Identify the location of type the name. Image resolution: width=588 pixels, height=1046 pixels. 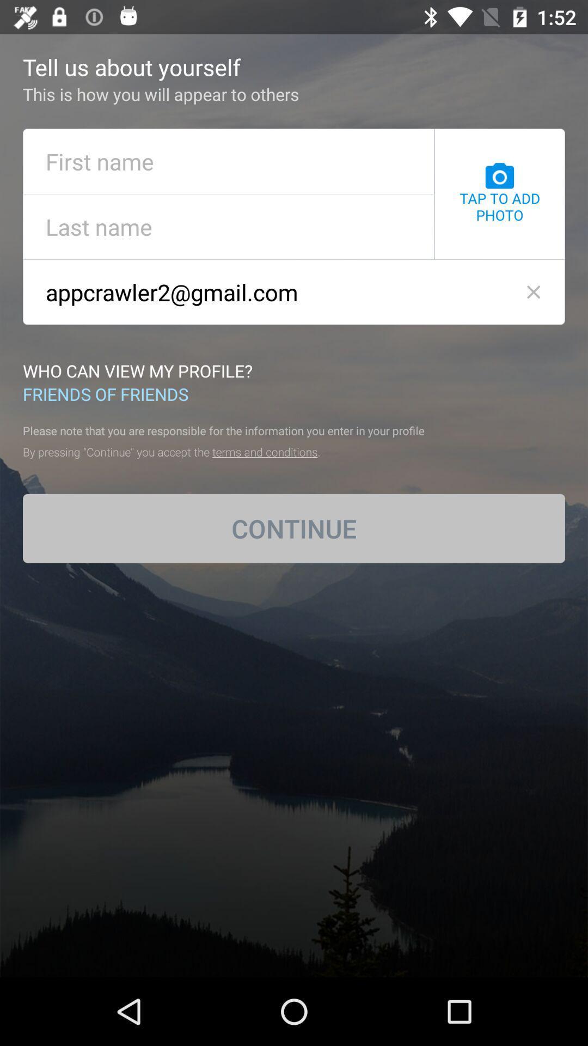
(228, 161).